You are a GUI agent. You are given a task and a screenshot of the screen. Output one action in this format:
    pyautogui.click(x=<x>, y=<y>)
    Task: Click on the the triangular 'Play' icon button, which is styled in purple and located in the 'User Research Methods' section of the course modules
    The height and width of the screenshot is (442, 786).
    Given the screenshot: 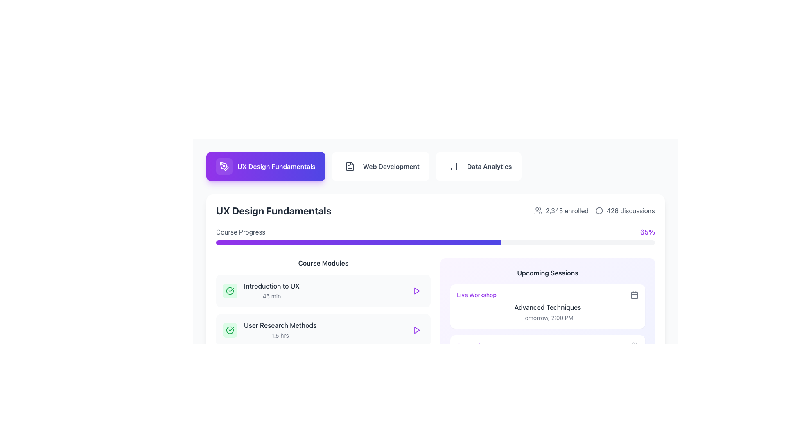 What is the action you would take?
    pyautogui.click(x=417, y=290)
    